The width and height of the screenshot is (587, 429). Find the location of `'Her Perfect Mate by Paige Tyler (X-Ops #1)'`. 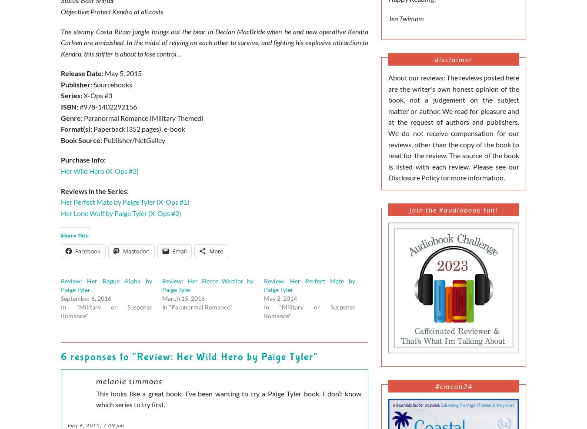

'Her Perfect Mate by Paige Tyler (X-Ops #1)' is located at coordinates (124, 201).